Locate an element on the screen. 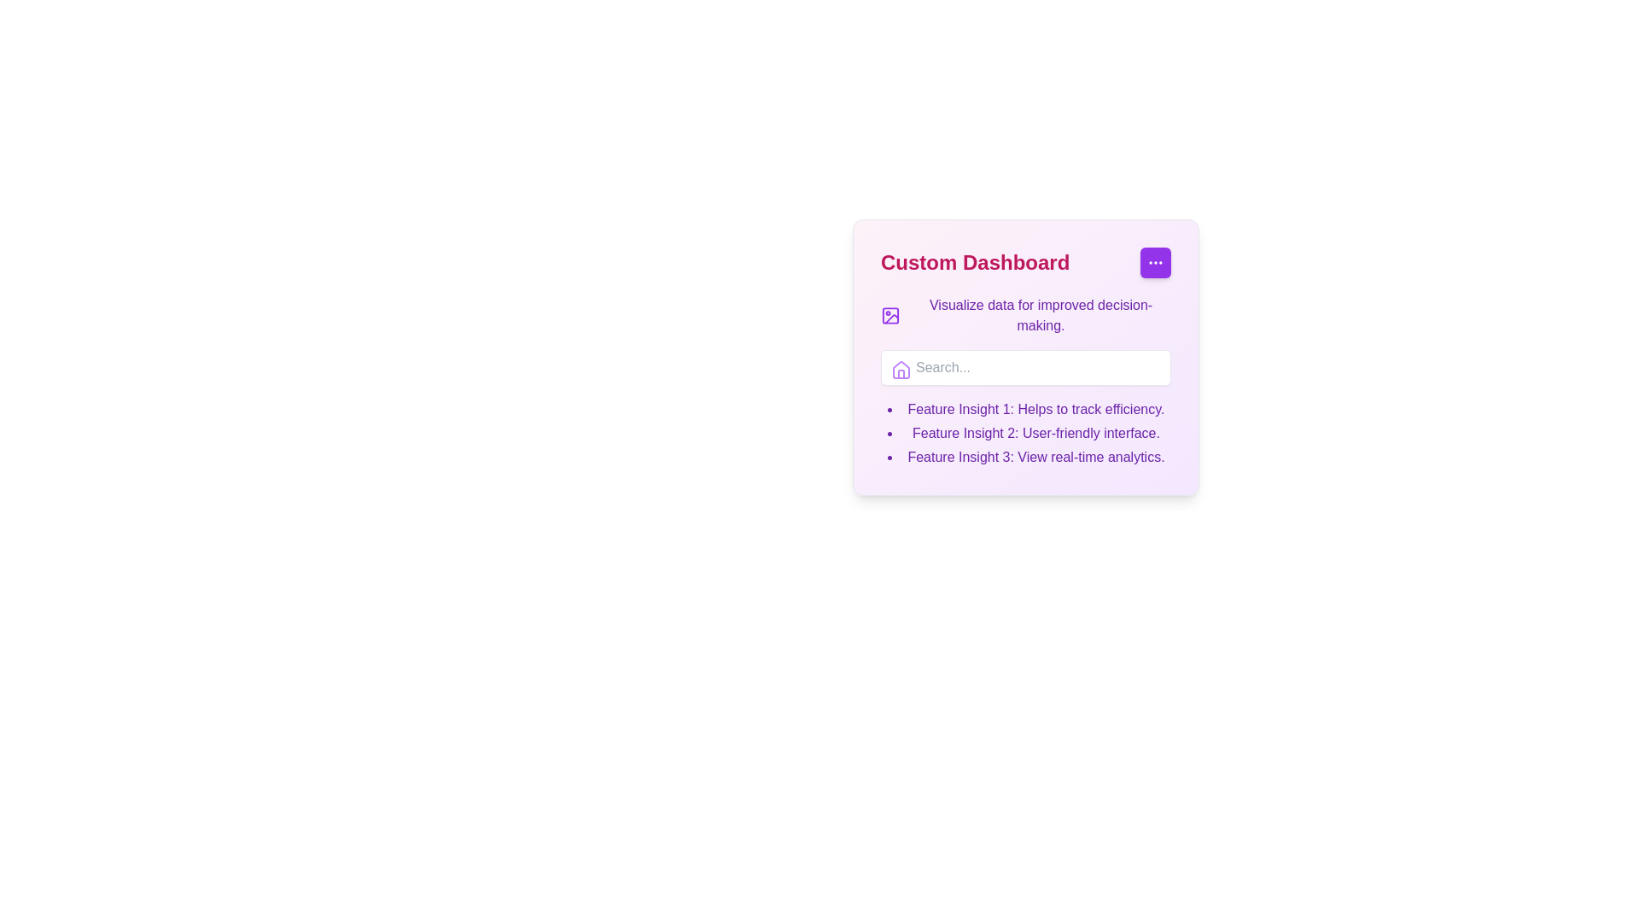 Image resolution: width=1639 pixels, height=922 pixels. the options button located in the top right corner of the 'Custom Dashboard' panel to trigger a tooltip is located at coordinates (1155, 263).